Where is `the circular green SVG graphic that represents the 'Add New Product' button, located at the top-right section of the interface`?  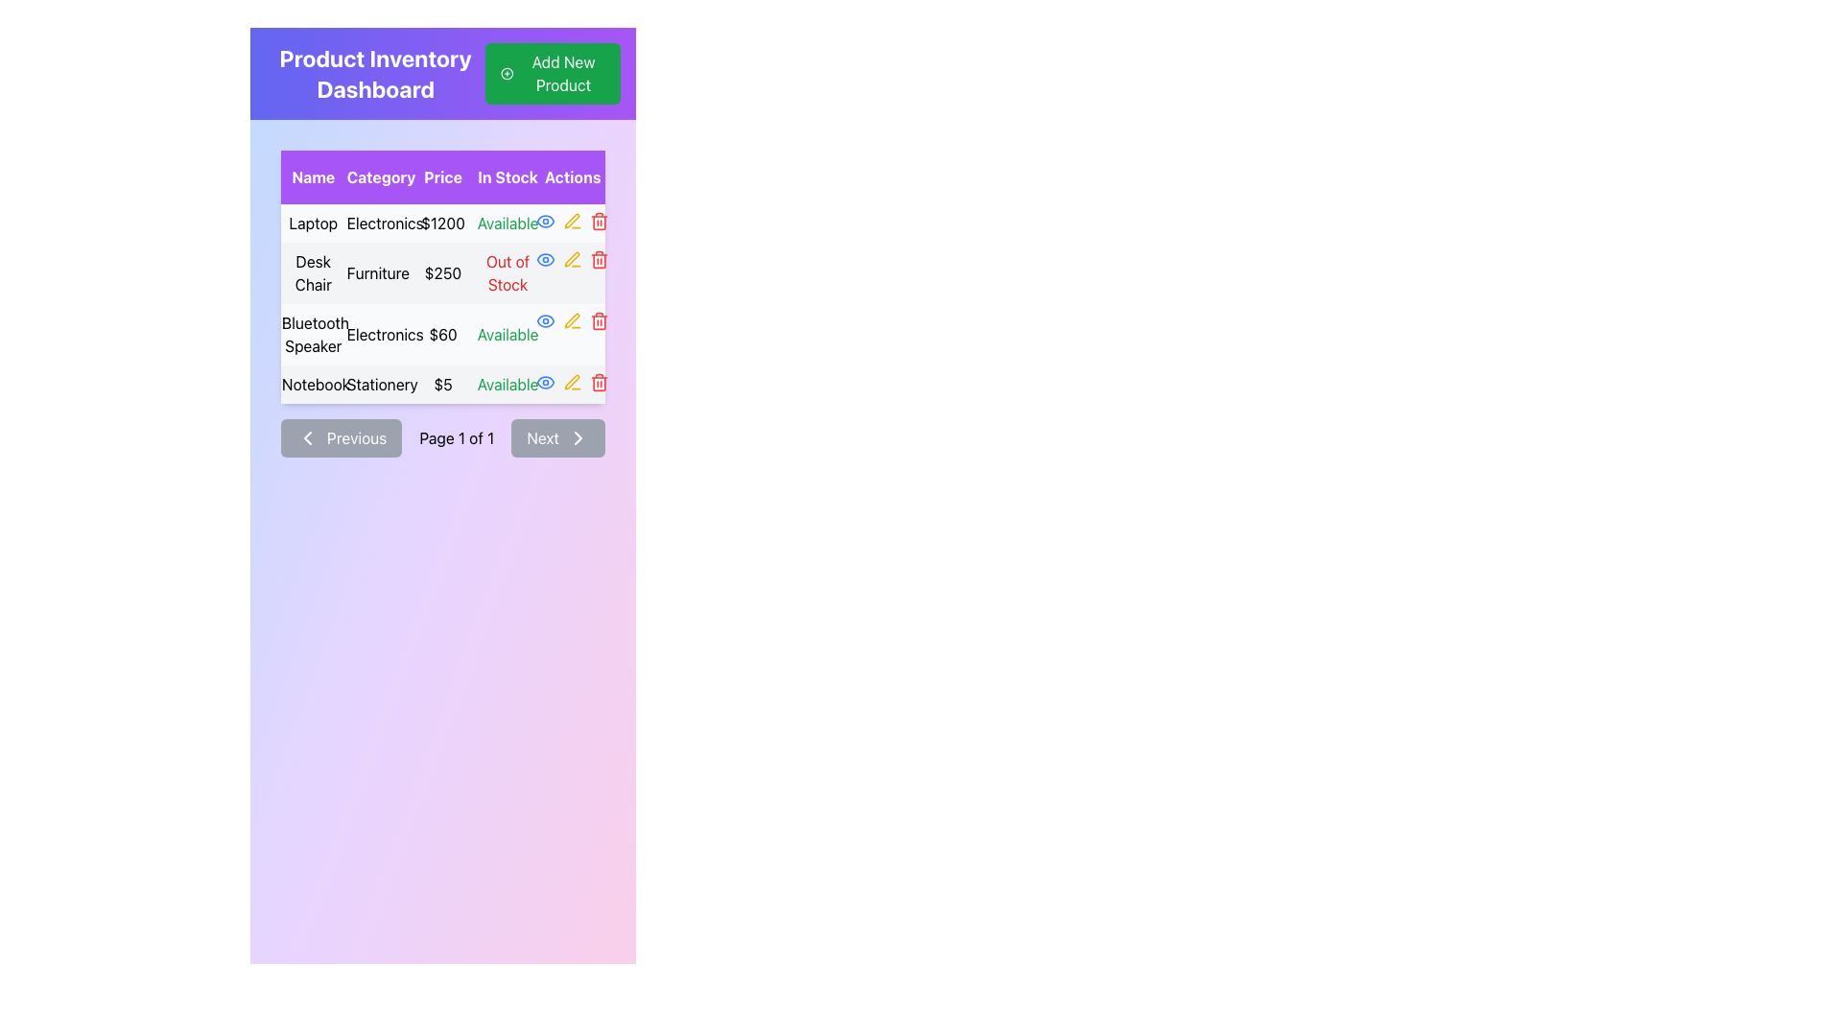
the circular green SVG graphic that represents the 'Add New Product' button, located at the top-right section of the interface is located at coordinates (508, 73).